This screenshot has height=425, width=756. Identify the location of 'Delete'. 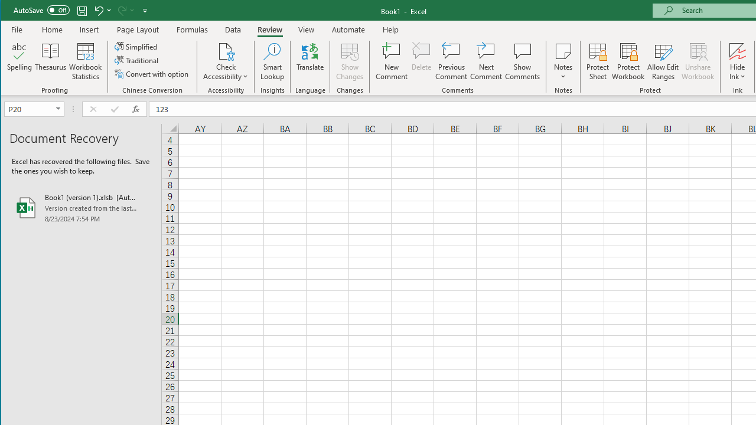
(421, 61).